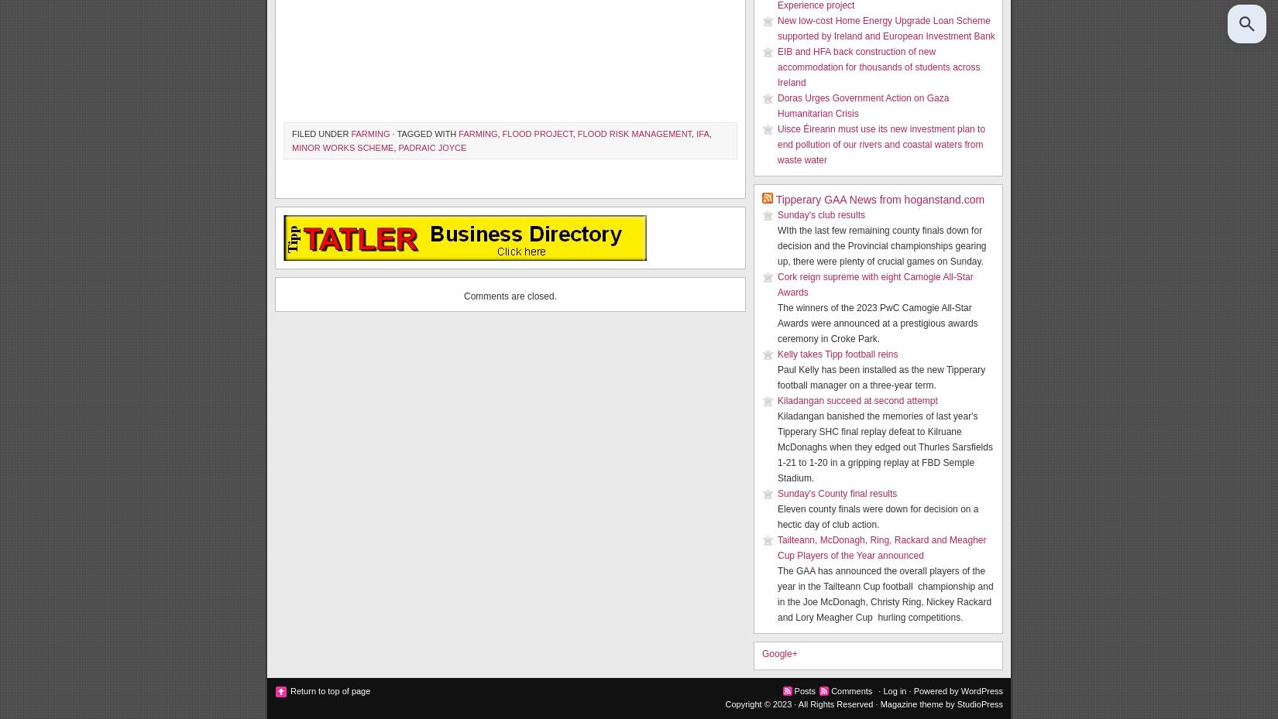  I want to click on 'WIth the last few remaining county finals down for decision and the Provincial championships gearing up, there were plenty of crucial games on Sunday.', so click(778, 245).